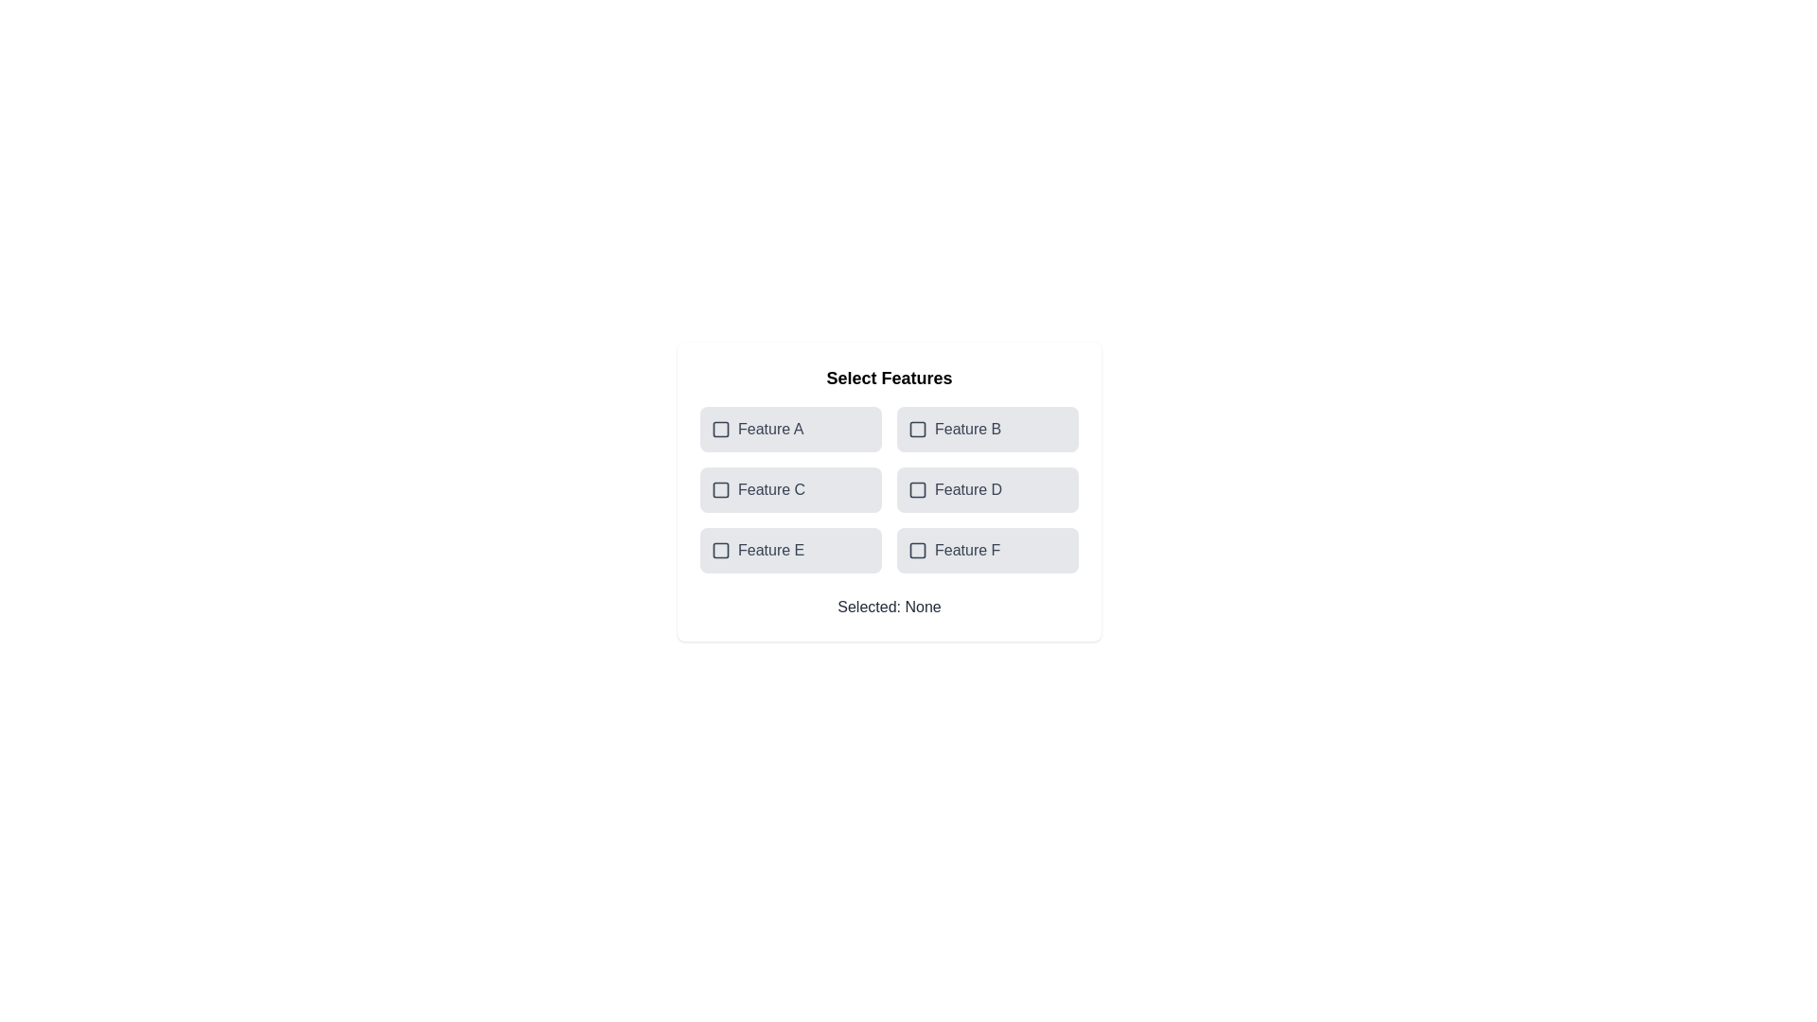  I want to click on the checkbox associated with the feature labeled 'Feature F', located to the left of the static text label in the bottom-right corner of the grid, so click(948, 551).